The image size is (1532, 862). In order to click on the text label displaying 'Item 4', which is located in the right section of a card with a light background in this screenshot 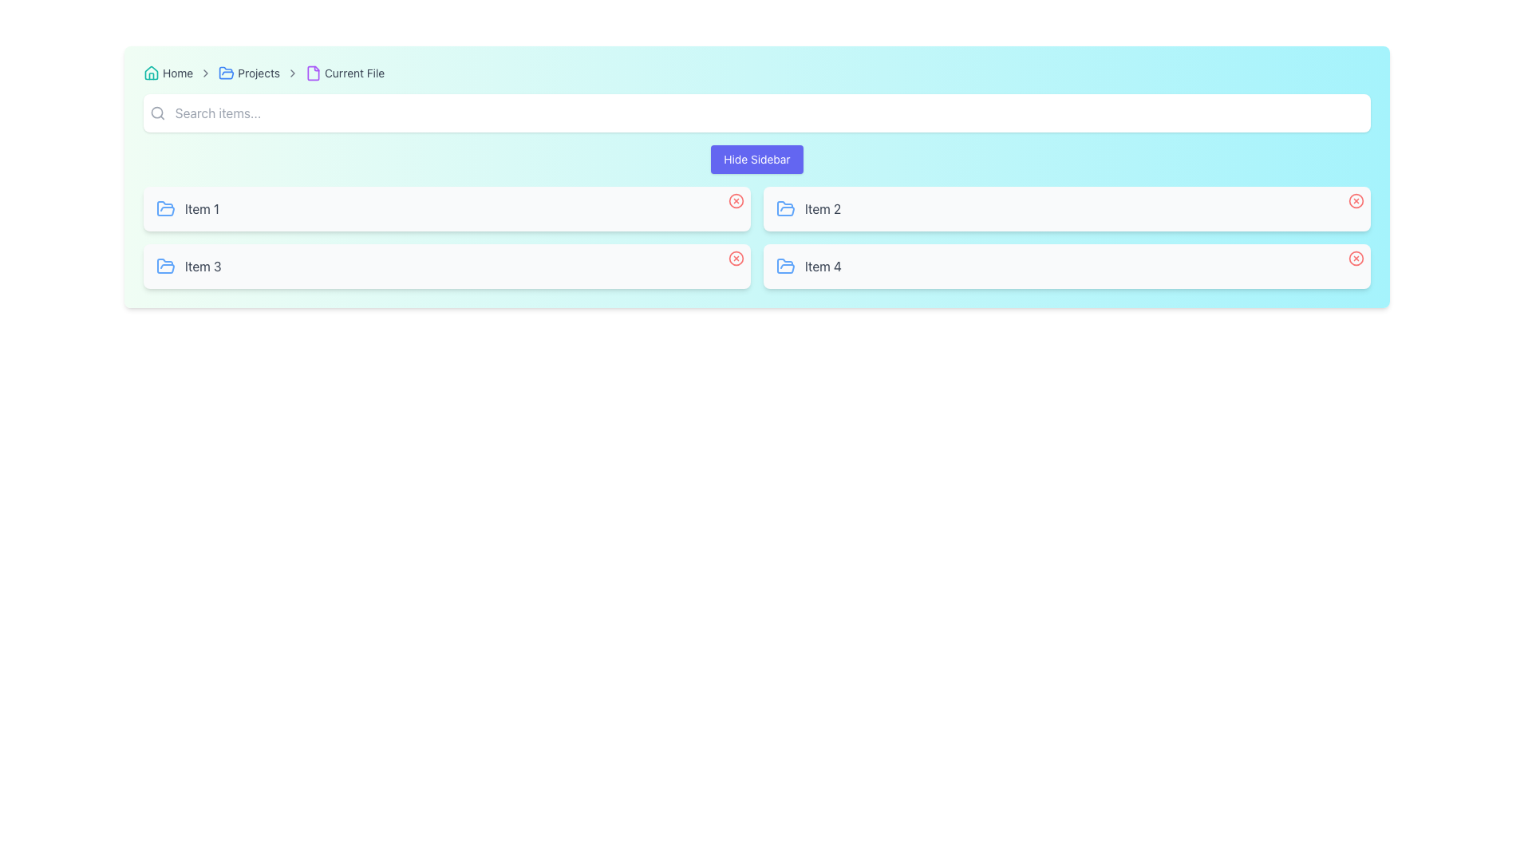, I will do `click(823, 266)`.